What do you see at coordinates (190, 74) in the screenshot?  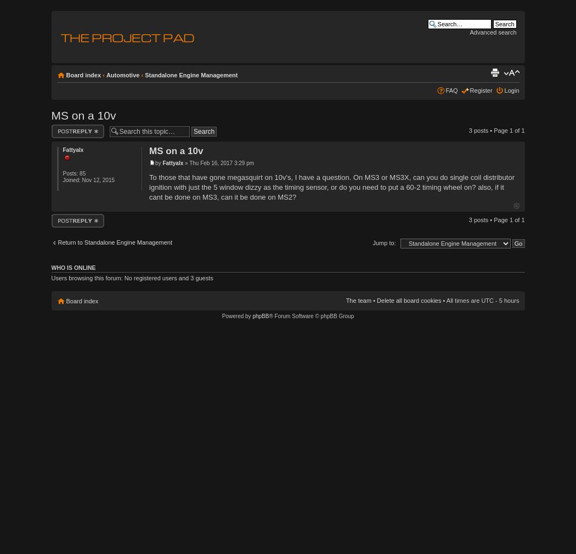 I see `'Standalone Engine Management'` at bounding box center [190, 74].